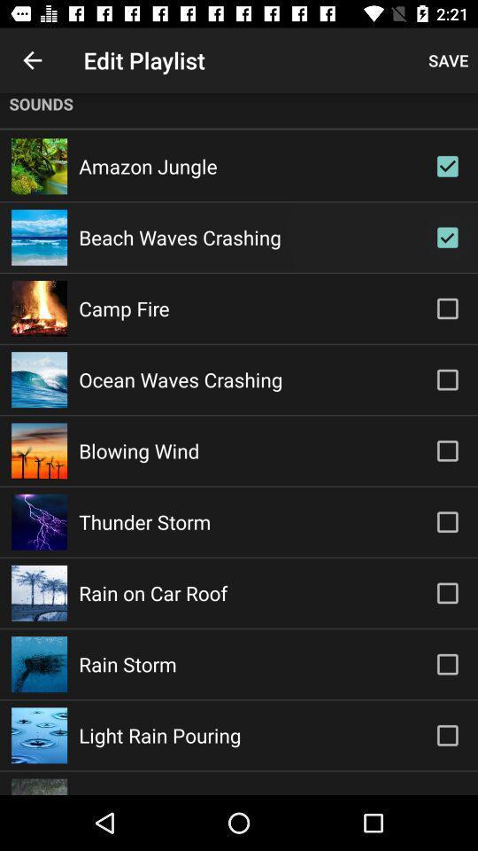 This screenshot has width=478, height=851. What do you see at coordinates (39, 379) in the screenshot?
I see `the image left to ocean waves crashing` at bounding box center [39, 379].